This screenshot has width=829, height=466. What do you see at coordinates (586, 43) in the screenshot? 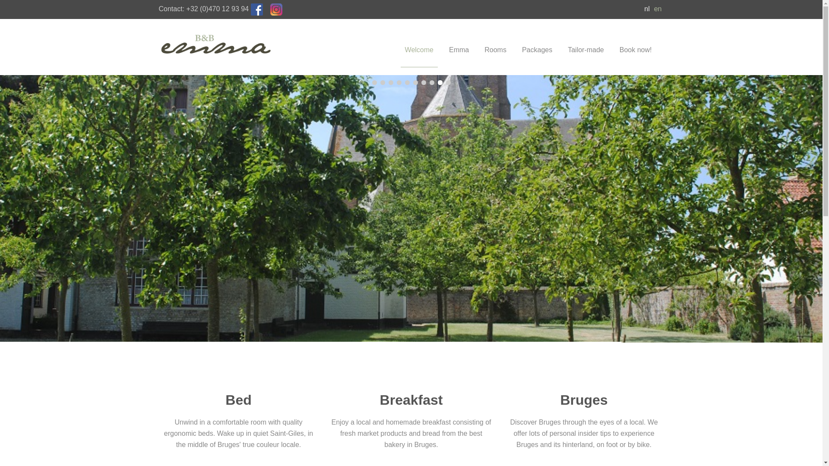
I see `'Tailor-made'` at bounding box center [586, 43].